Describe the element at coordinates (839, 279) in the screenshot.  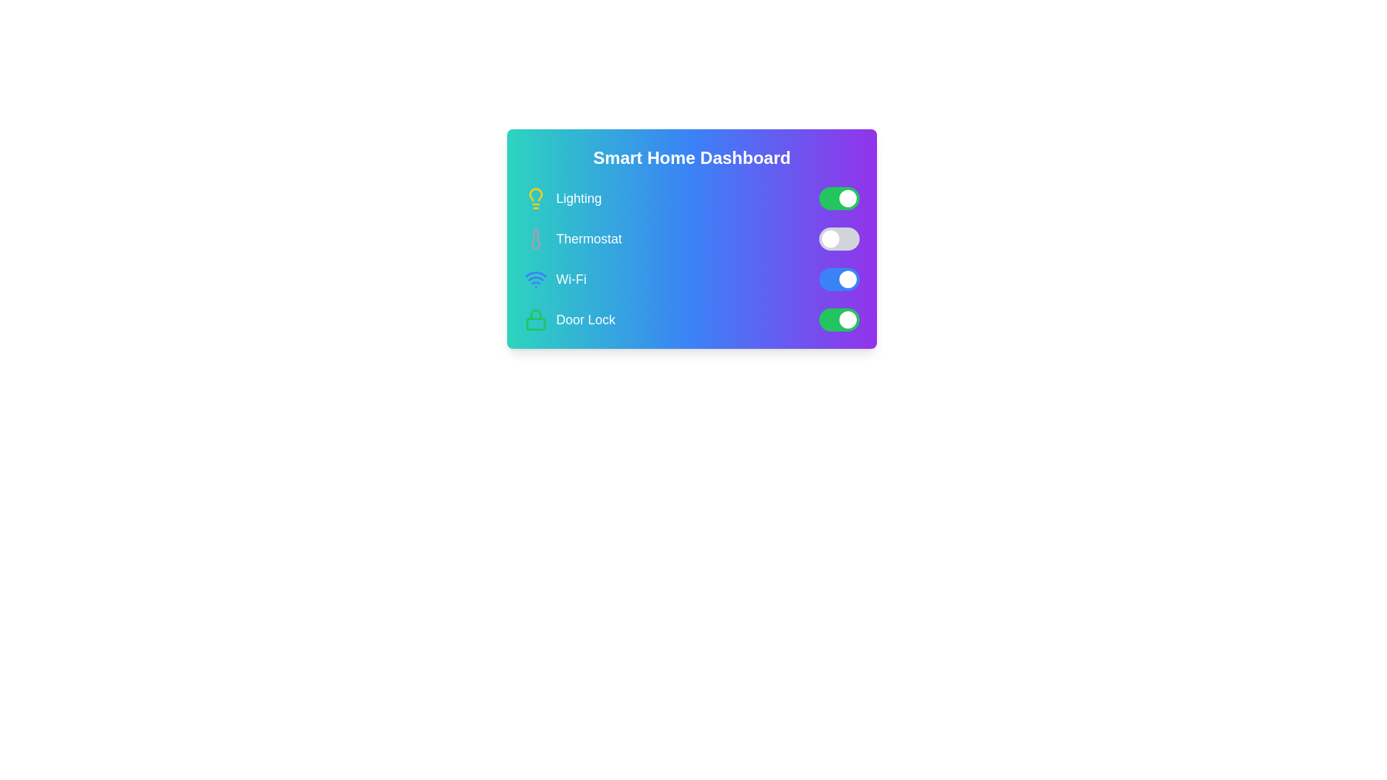
I see `the third toggle switch` at that location.